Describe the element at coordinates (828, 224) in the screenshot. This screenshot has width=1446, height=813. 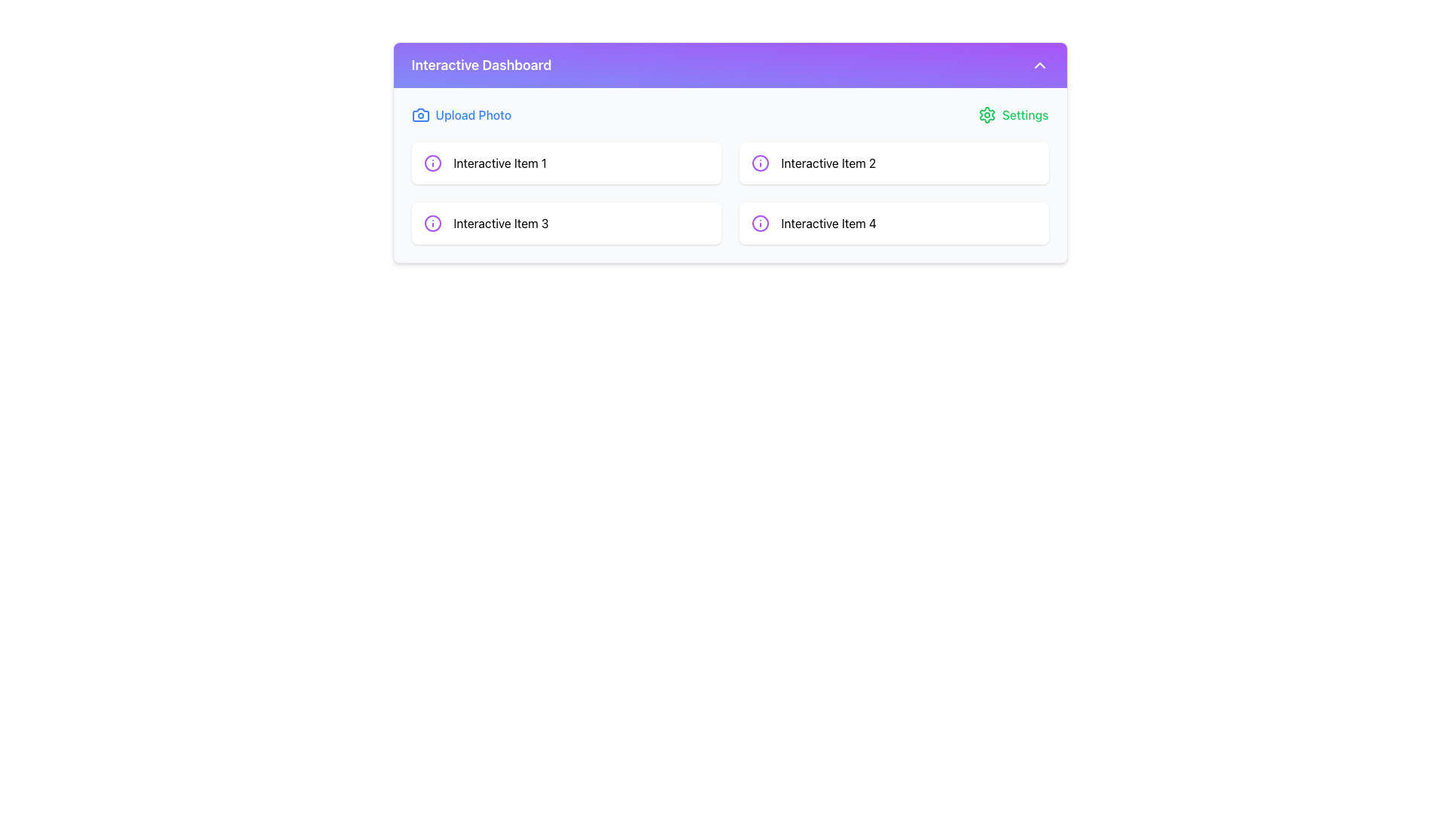
I see `the main descriptive text label located in the bottom-right card of the two-by-two grid arrangement, which is positioned to the right of an info icon` at that location.